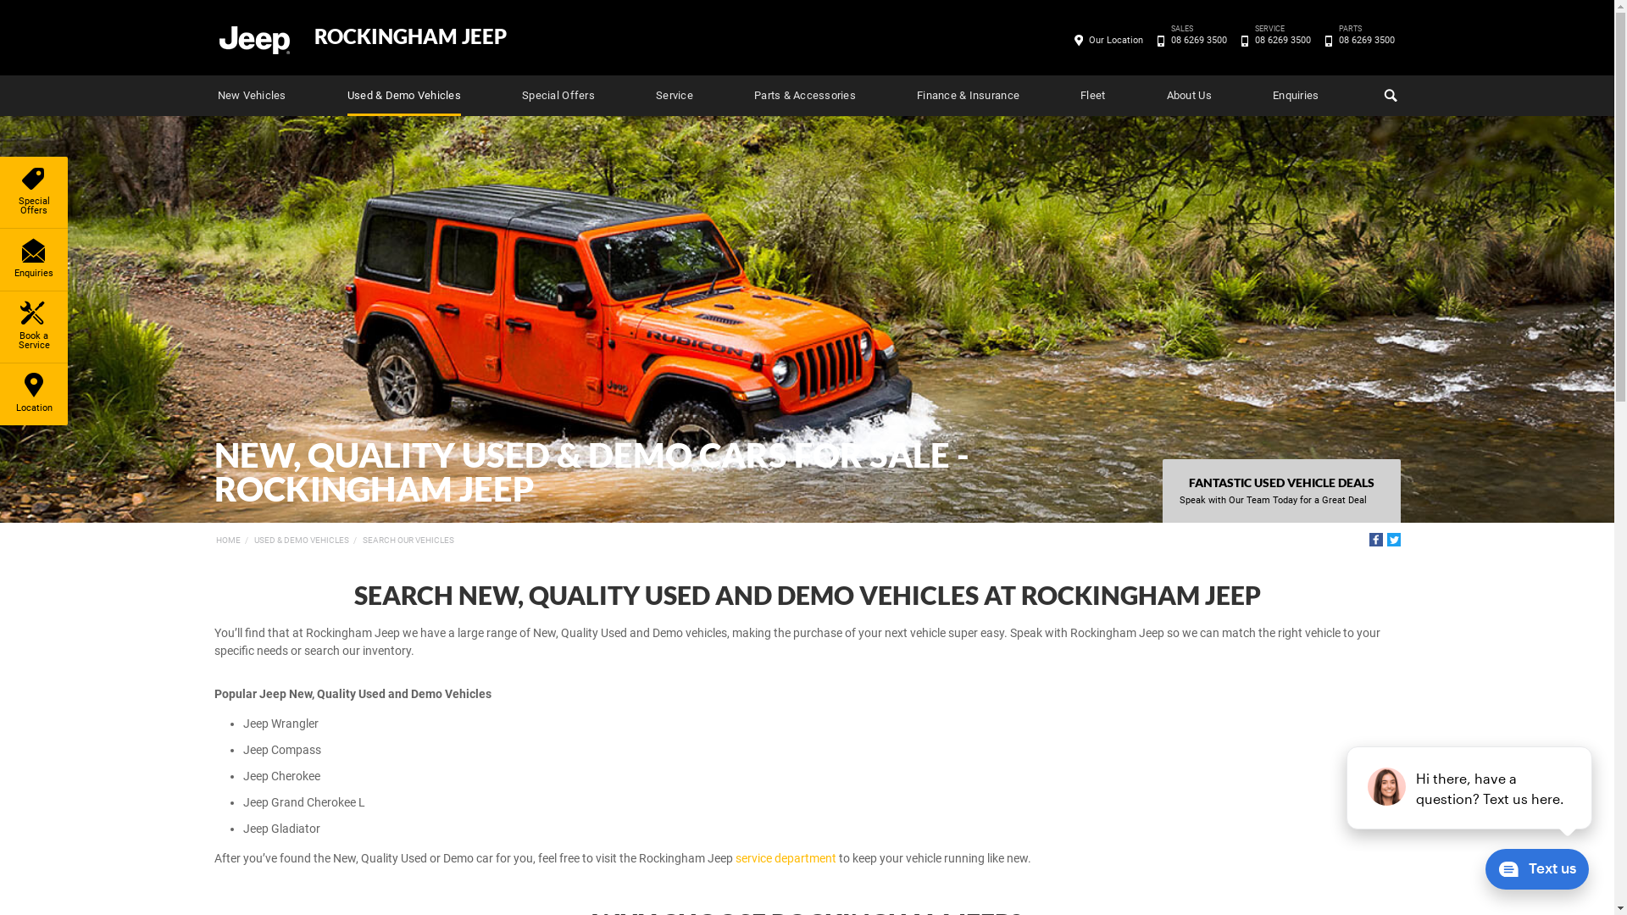 The image size is (1627, 915). What do you see at coordinates (674, 95) in the screenshot?
I see `'Service'` at bounding box center [674, 95].